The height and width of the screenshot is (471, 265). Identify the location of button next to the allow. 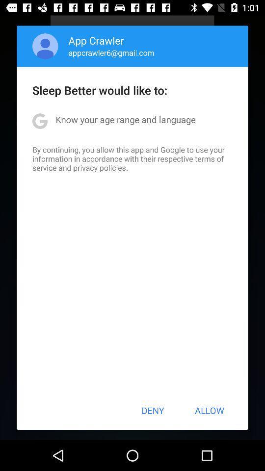
(153, 410).